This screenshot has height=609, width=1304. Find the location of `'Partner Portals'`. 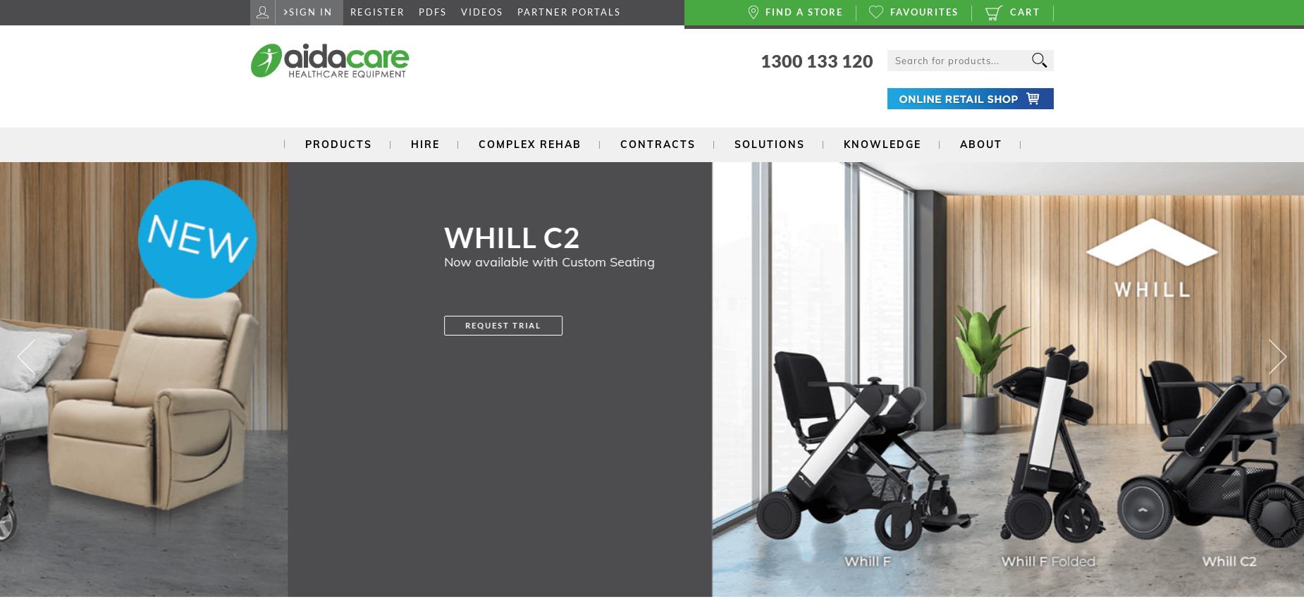

'Partner Portals' is located at coordinates (569, 12).